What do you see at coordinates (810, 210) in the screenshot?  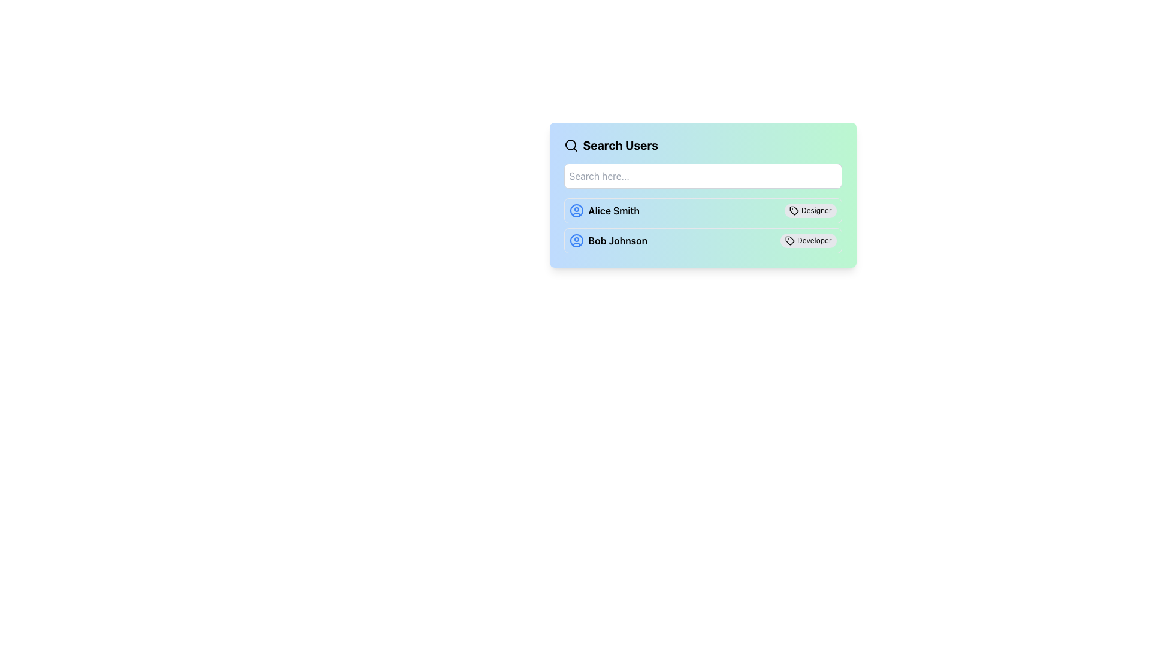 I see `the pill-shaped badge label with a gray background containing the 'Designer' text, located to the far right of the entry labeled 'Alice Smith'` at bounding box center [810, 210].